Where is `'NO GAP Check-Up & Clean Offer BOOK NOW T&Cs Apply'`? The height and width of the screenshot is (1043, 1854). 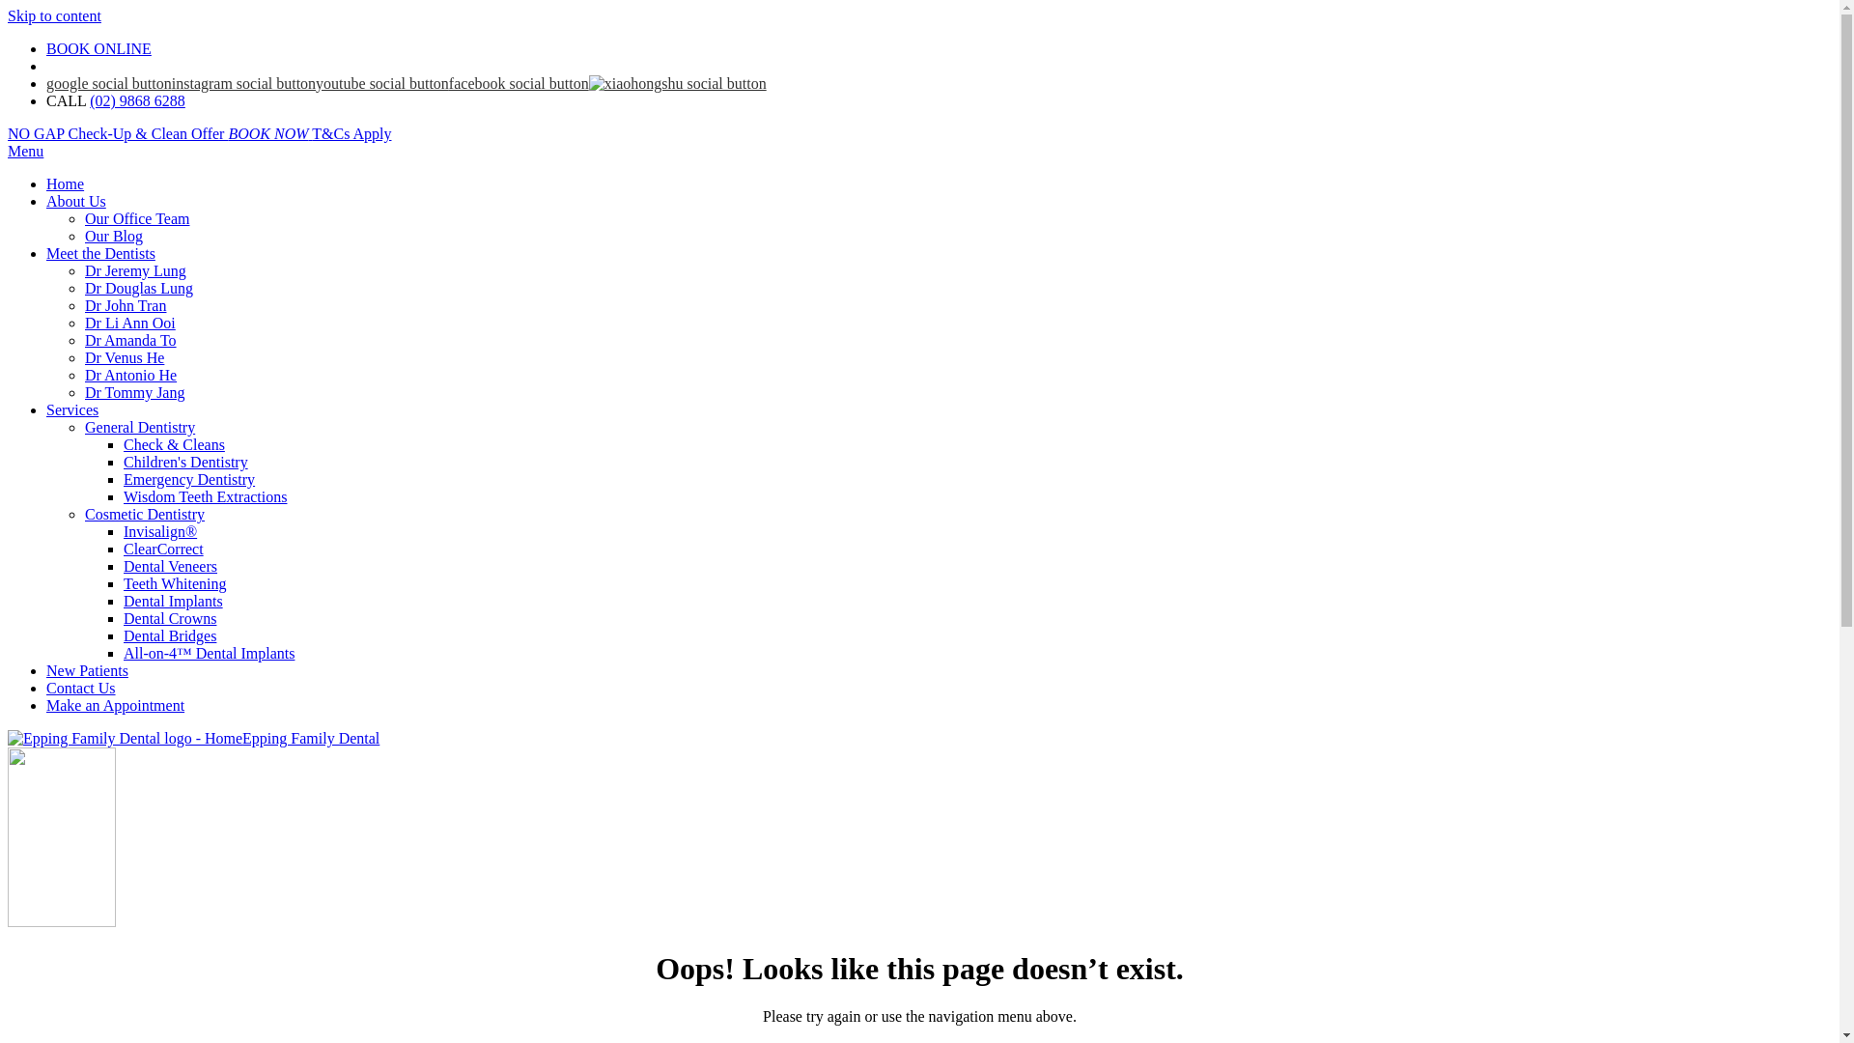 'NO GAP Check-Up & Clean Offer BOOK NOW T&Cs Apply' is located at coordinates (8, 132).